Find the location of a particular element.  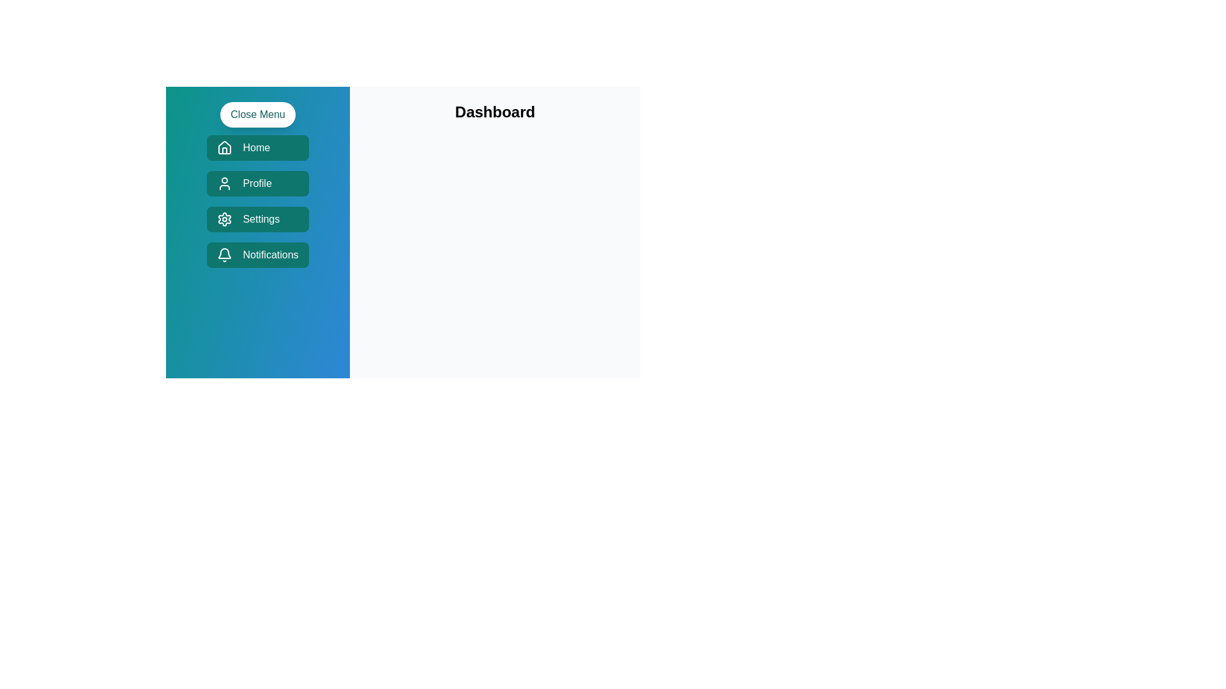

the 'Home' text label in the left sidebar menu is located at coordinates (255, 147).